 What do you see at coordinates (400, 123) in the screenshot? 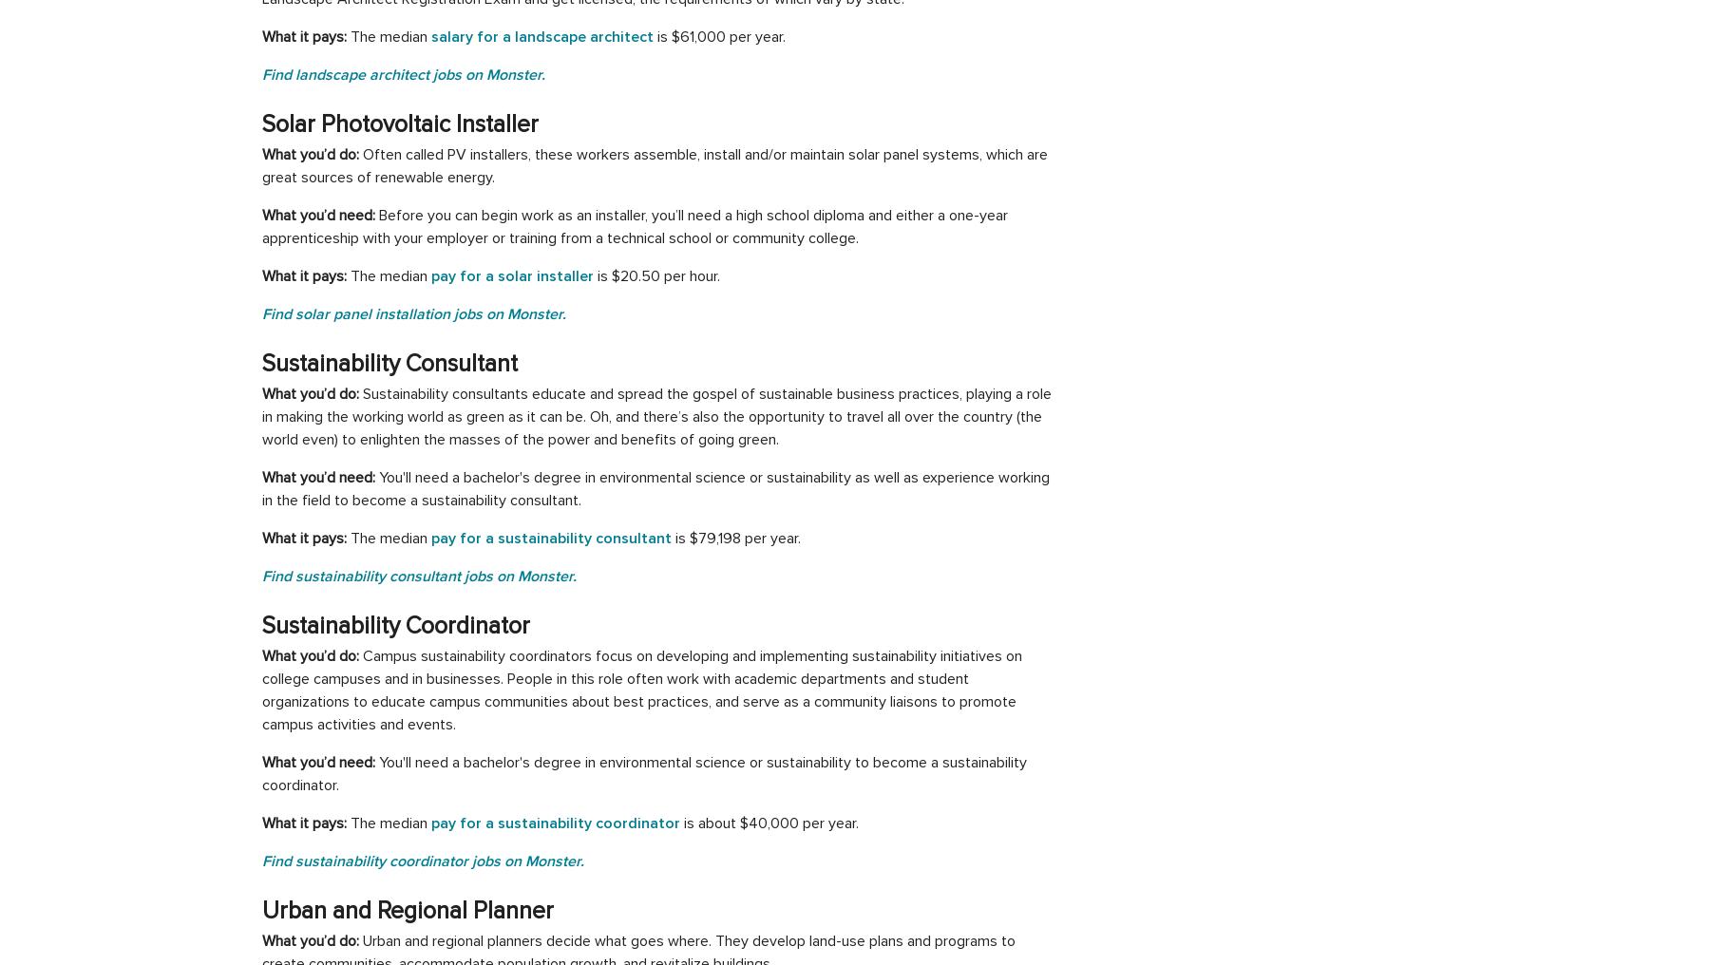
I see `'Solar Photovoltaic Installer'` at bounding box center [400, 123].